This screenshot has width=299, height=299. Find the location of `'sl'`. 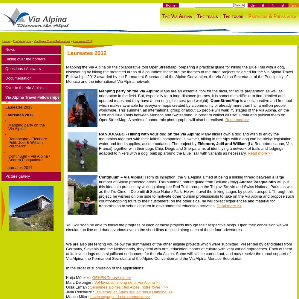

'sl' is located at coordinates (282, 5).